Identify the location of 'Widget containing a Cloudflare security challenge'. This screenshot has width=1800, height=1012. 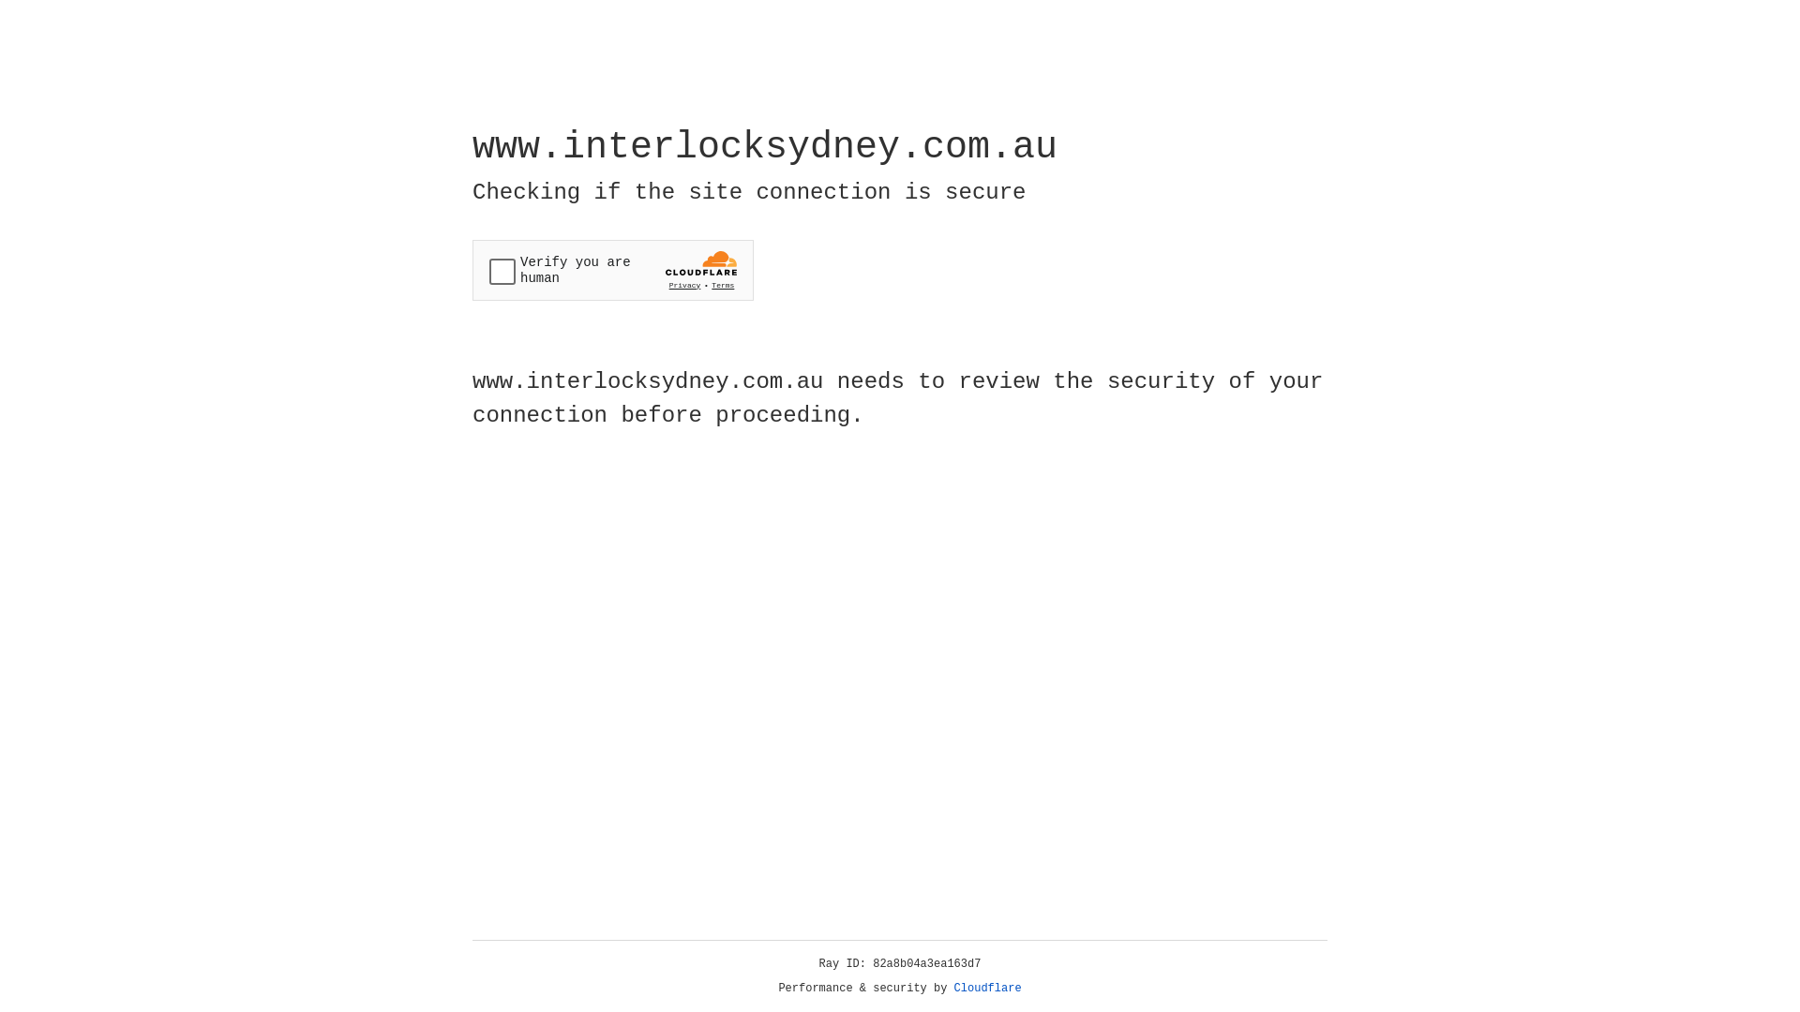
(612, 270).